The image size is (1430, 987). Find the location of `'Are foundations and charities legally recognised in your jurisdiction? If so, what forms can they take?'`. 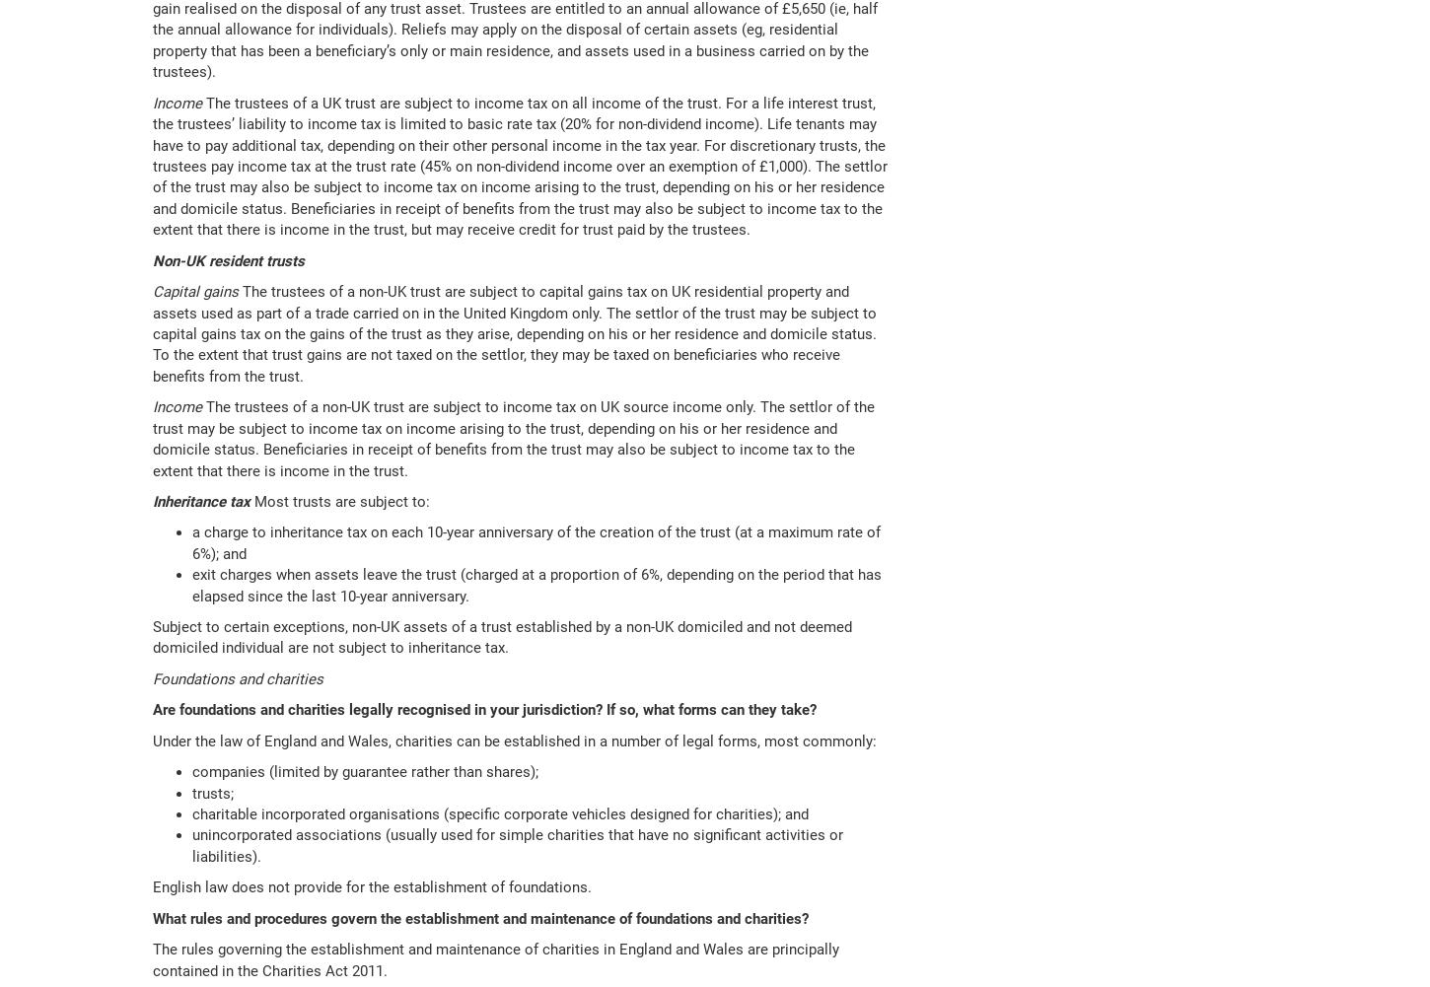

'Are foundations and charities legally recognised in your jurisdiction? If so, what forms can they take?' is located at coordinates (484, 710).